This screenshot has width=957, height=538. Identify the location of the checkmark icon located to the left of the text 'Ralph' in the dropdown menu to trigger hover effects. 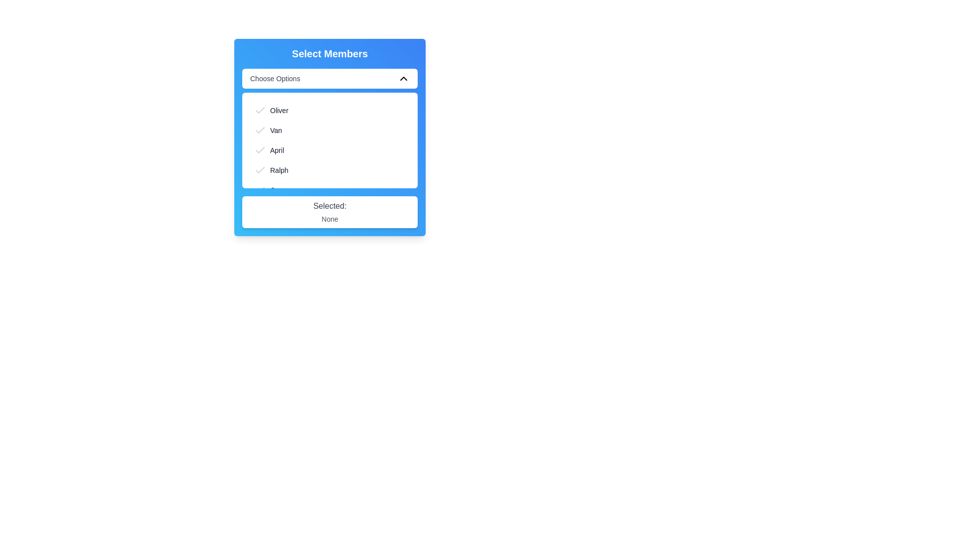
(260, 170).